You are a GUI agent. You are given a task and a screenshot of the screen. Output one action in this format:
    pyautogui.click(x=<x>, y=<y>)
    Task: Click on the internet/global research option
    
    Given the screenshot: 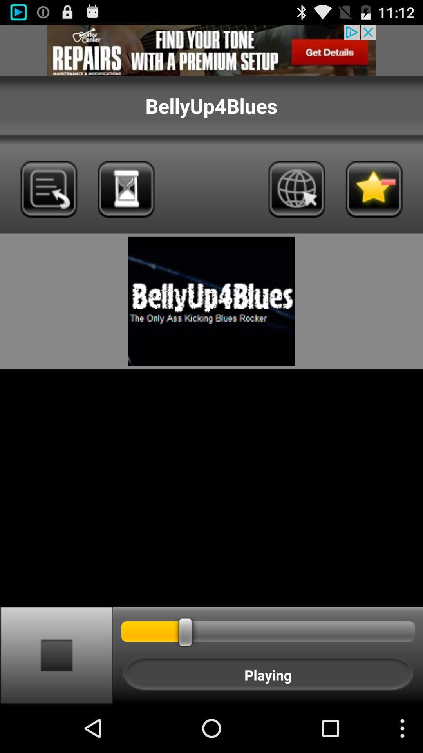 What is the action you would take?
    pyautogui.click(x=296, y=189)
    